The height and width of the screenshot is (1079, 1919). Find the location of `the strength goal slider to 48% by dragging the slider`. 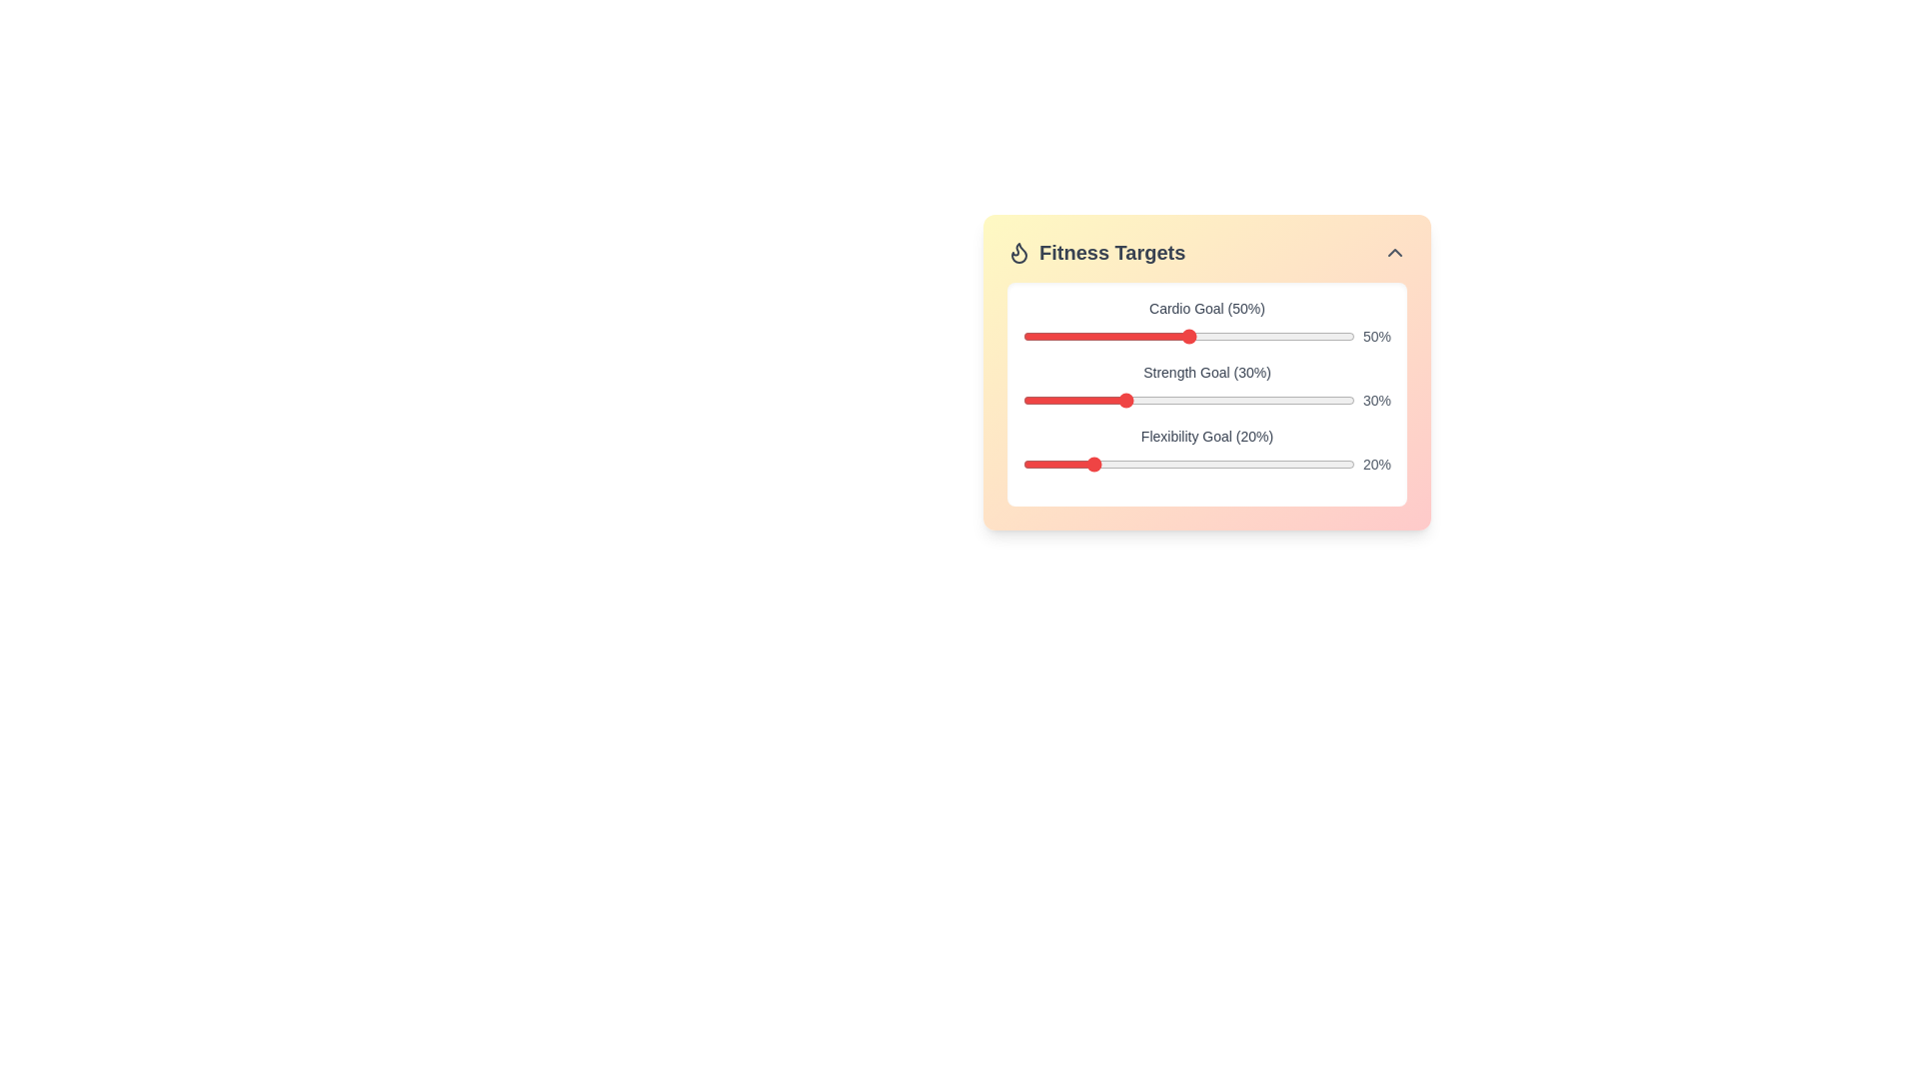

the strength goal slider to 48% by dragging the slider is located at coordinates (1182, 401).